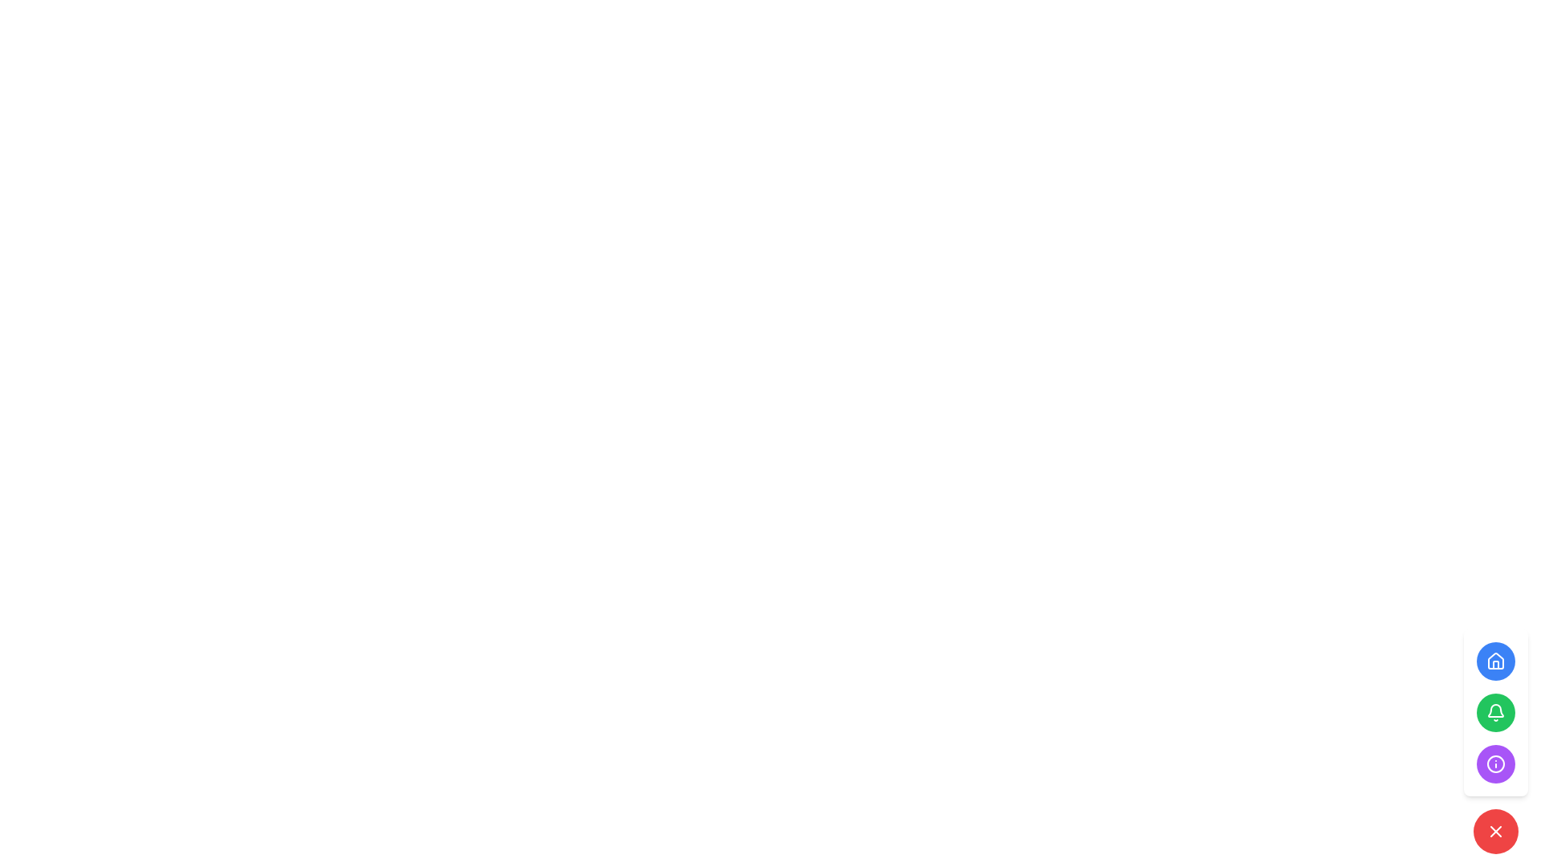  What do you see at coordinates (1494, 660) in the screenshot?
I see `the house icon, which is the first icon in a vertical row of blue action icons` at bounding box center [1494, 660].